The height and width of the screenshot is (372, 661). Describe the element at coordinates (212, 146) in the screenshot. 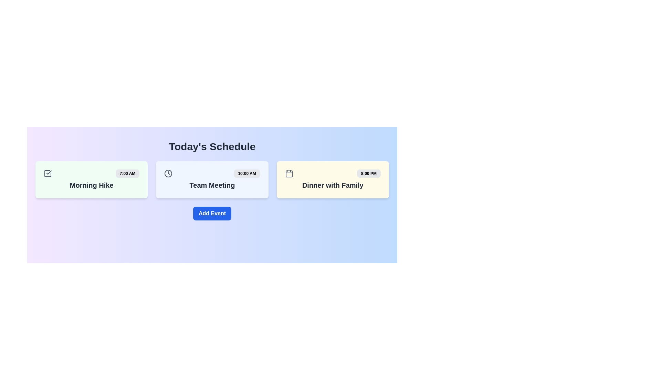

I see `the header element displaying 'Today's Schedule', which is a bold, large, centered title in dark gray` at that location.